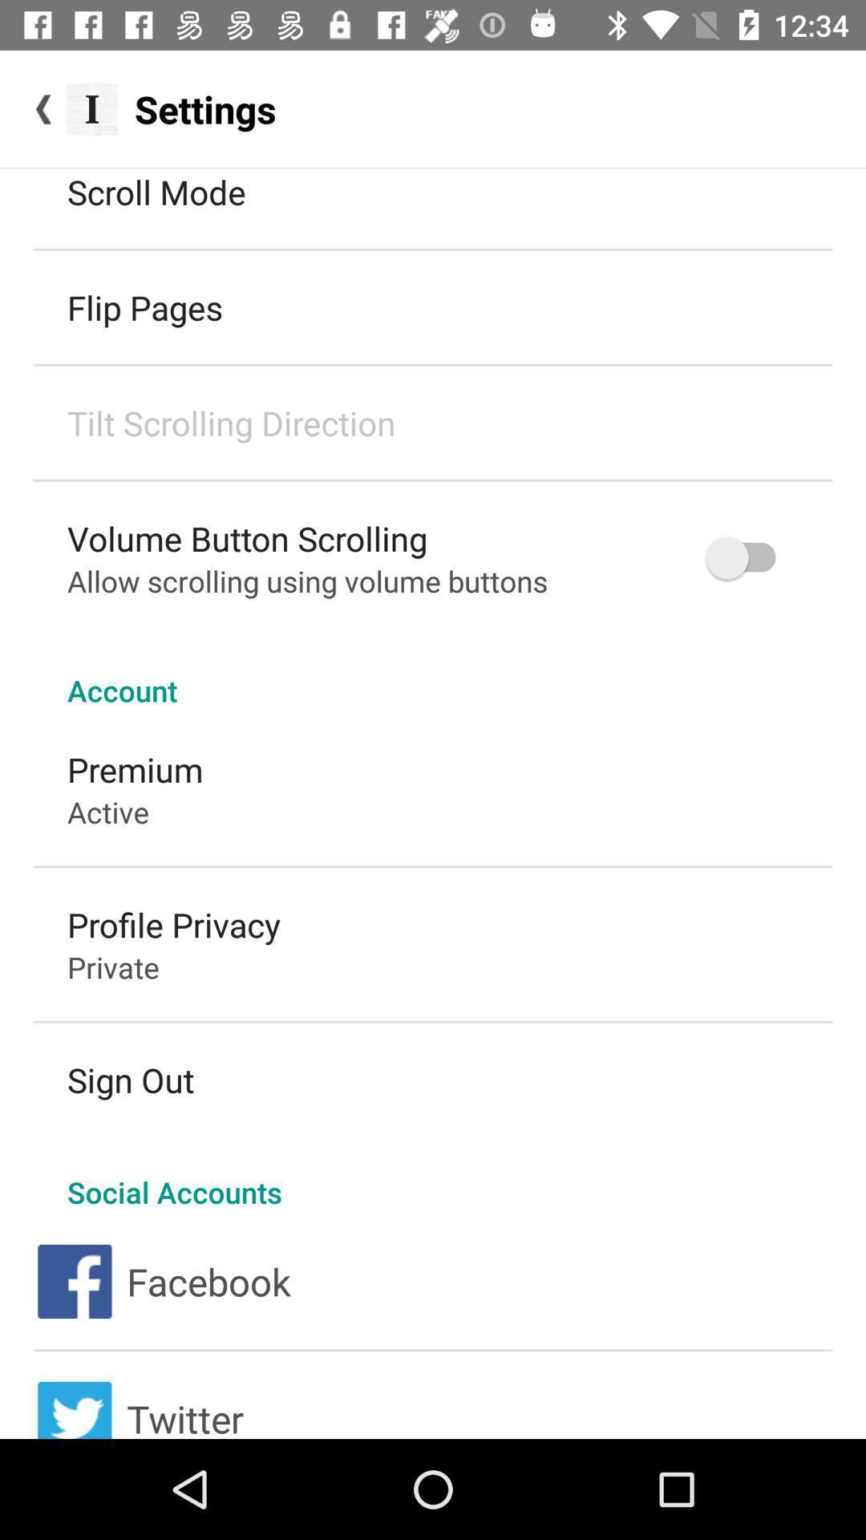 This screenshot has height=1540, width=866. I want to click on item below sign out, so click(433, 1175).